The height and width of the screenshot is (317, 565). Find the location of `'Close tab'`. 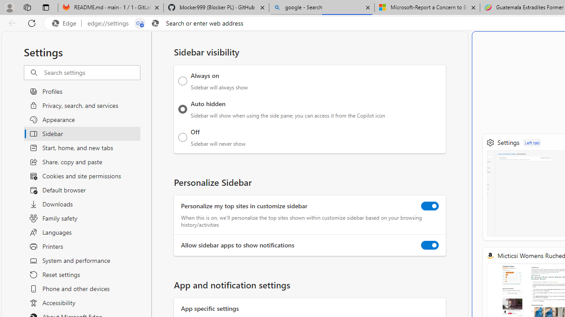

'Close tab' is located at coordinates (473, 7).